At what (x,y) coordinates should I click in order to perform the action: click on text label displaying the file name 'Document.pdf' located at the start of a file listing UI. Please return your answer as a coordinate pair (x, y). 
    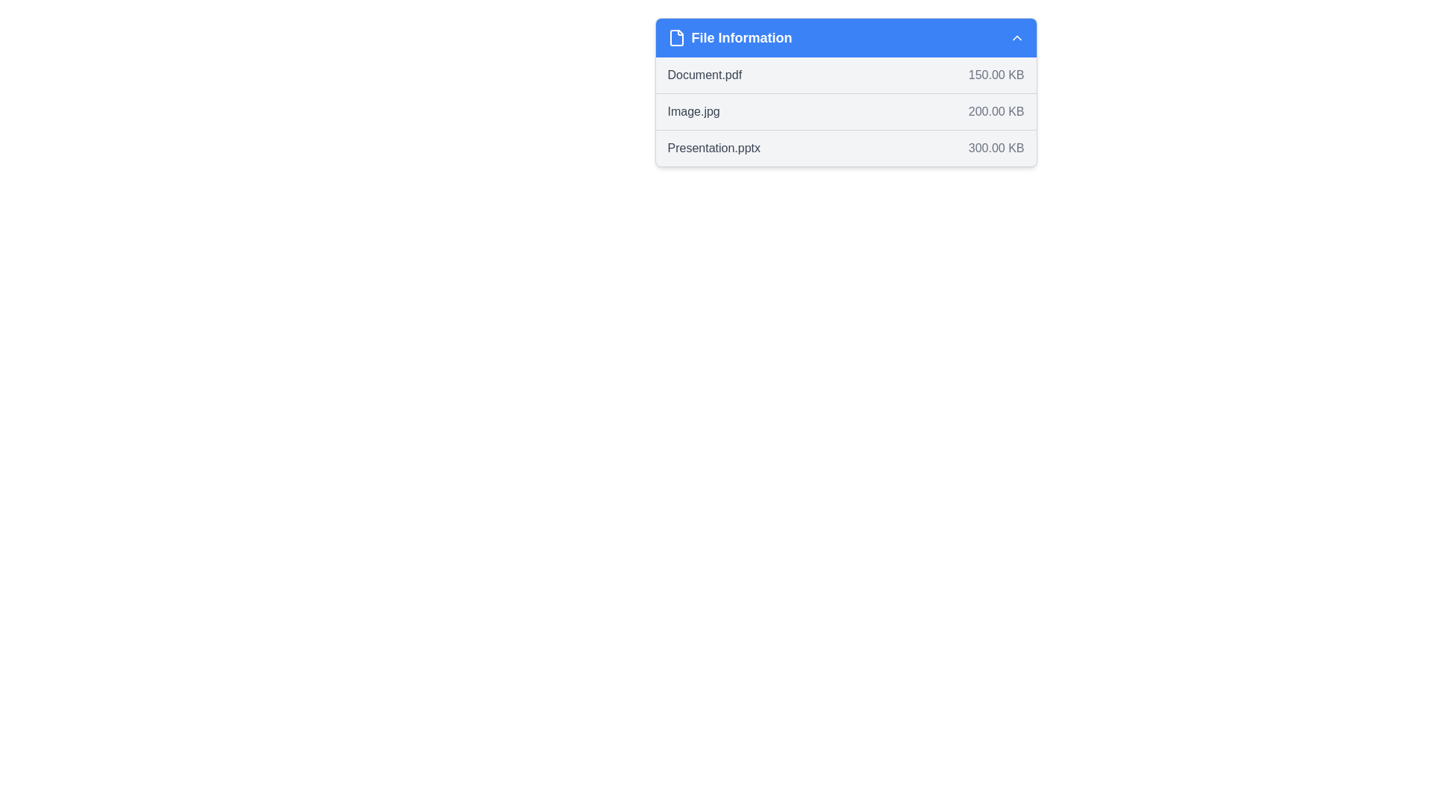
    Looking at the image, I should click on (704, 75).